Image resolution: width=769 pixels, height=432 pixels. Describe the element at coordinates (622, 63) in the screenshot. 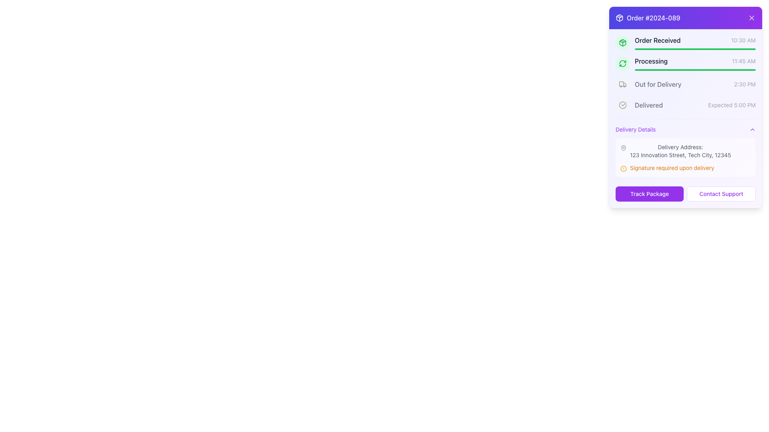

I see `the small green circular icon with a refresh arrow located to the left of the 'Processing' text label` at that location.